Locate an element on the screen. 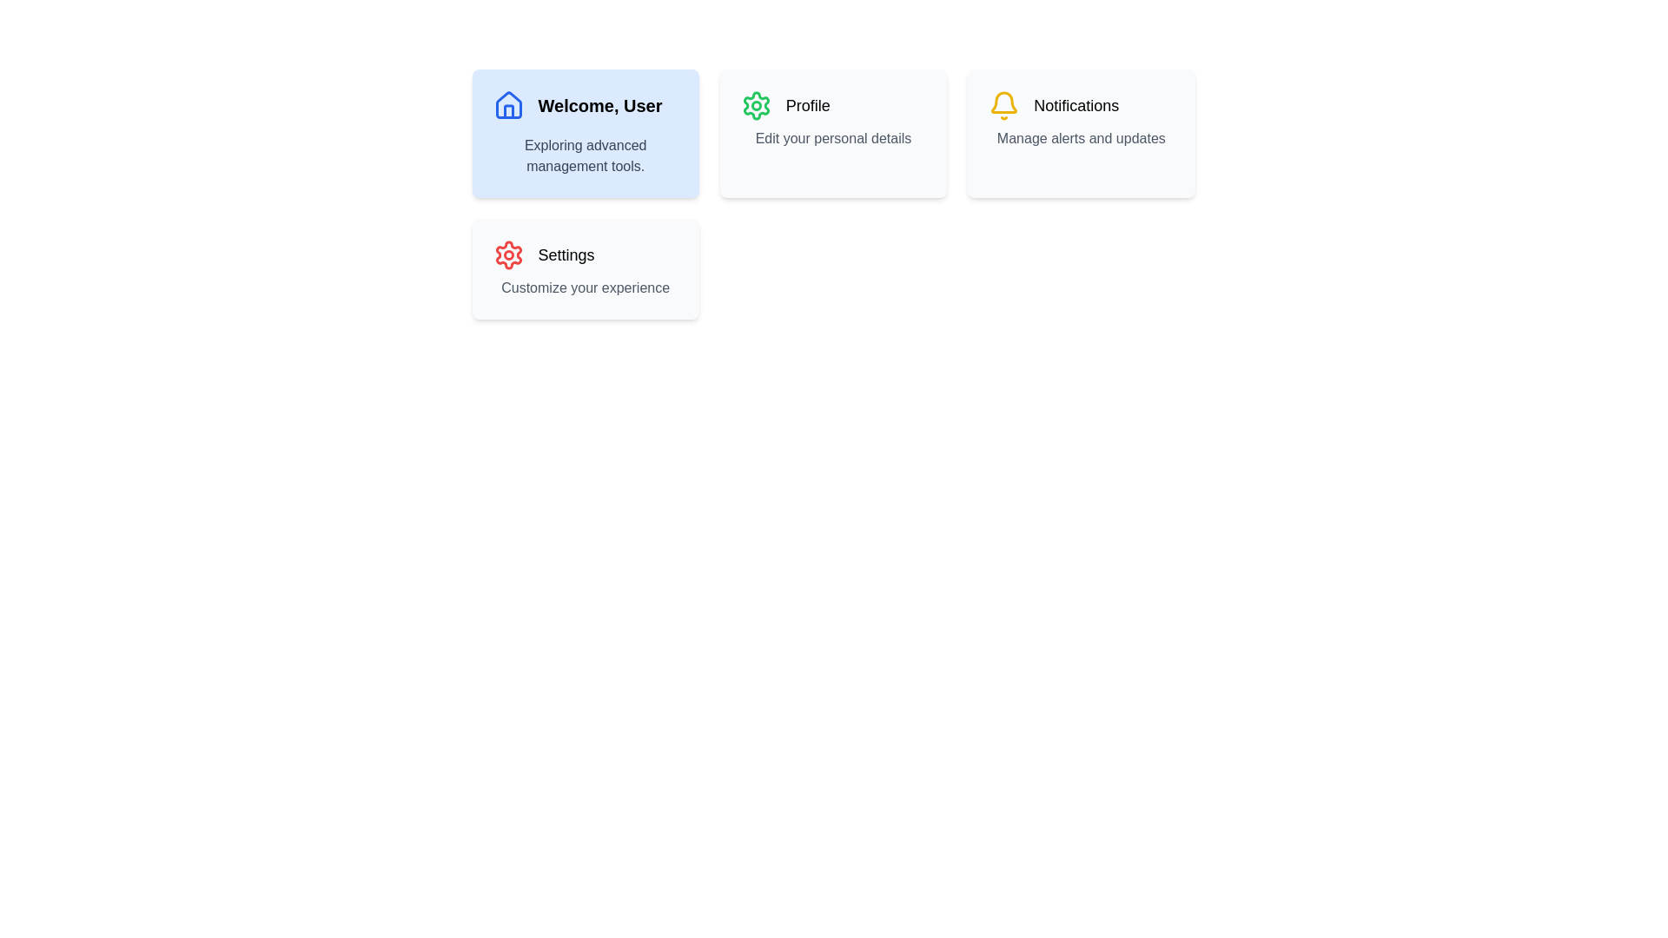 The height and width of the screenshot is (938, 1668). the stylized blue house icon within the 'Welcome, User' section is located at coordinates (507, 105).